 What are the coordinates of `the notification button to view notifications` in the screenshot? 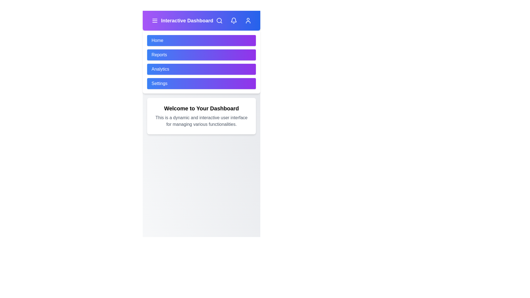 It's located at (234, 20).